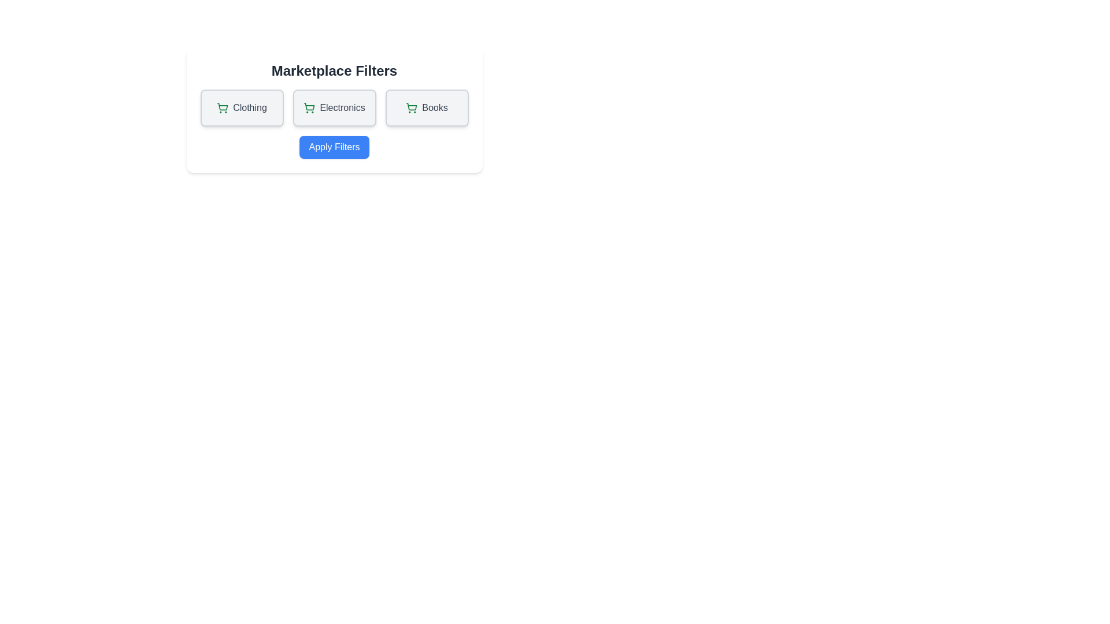  I want to click on the filter option labeled Electronics, so click(334, 107).